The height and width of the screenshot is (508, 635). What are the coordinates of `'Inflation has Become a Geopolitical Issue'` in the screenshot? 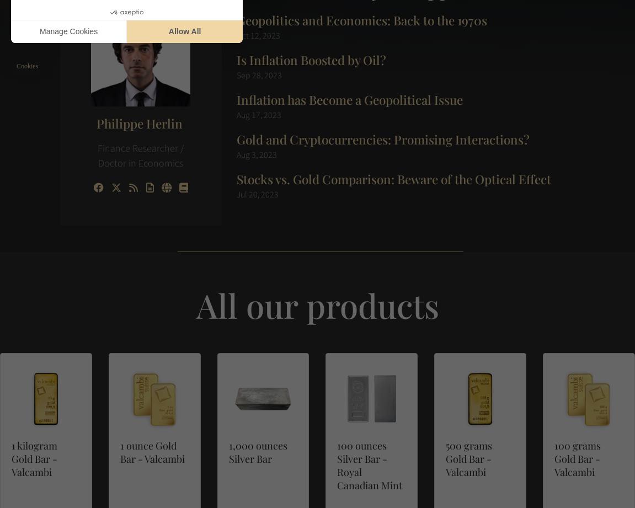 It's located at (349, 98).